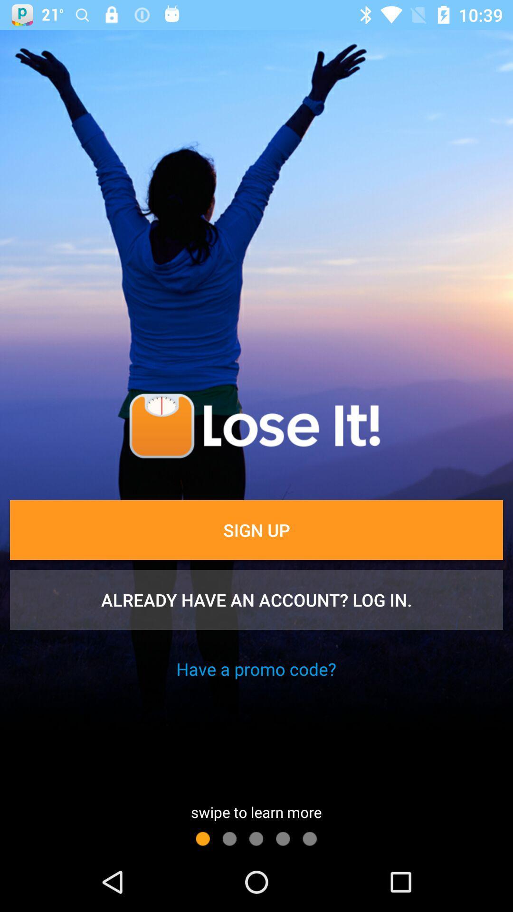 Image resolution: width=513 pixels, height=912 pixels. What do you see at coordinates (256, 668) in the screenshot?
I see `the have a promo icon` at bounding box center [256, 668].